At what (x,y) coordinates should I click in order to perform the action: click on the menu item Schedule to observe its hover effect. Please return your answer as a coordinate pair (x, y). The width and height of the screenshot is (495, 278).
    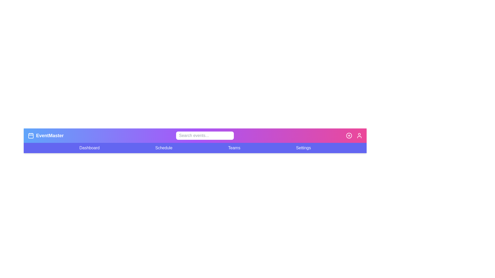
    Looking at the image, I should click on (163, 148).